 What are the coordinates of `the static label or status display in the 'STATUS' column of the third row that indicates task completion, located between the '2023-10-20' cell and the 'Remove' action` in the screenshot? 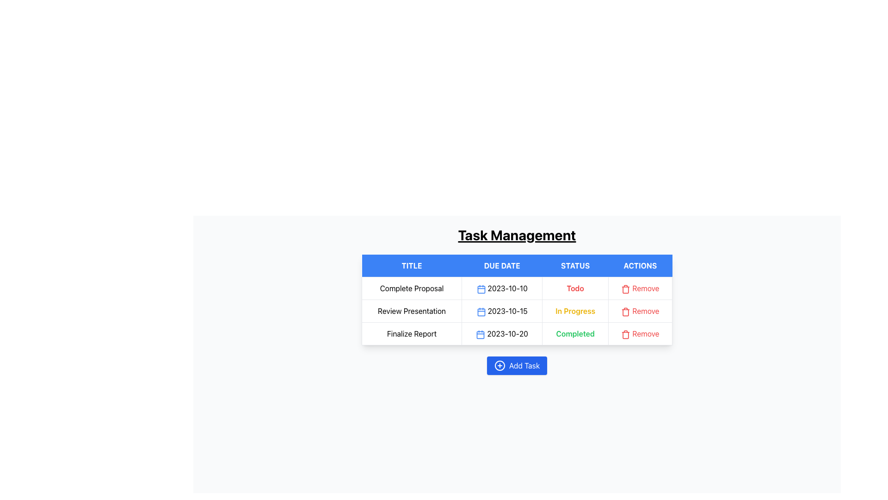 It's located at (575, 334).